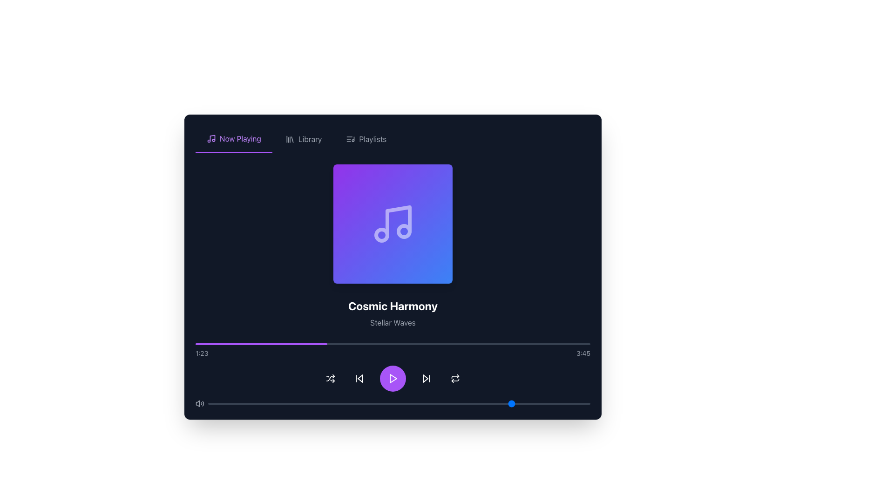 The image size is (894, 503). Describe the element at coordinates (219, 403) in the screenshot. I see `the slider` at that location.